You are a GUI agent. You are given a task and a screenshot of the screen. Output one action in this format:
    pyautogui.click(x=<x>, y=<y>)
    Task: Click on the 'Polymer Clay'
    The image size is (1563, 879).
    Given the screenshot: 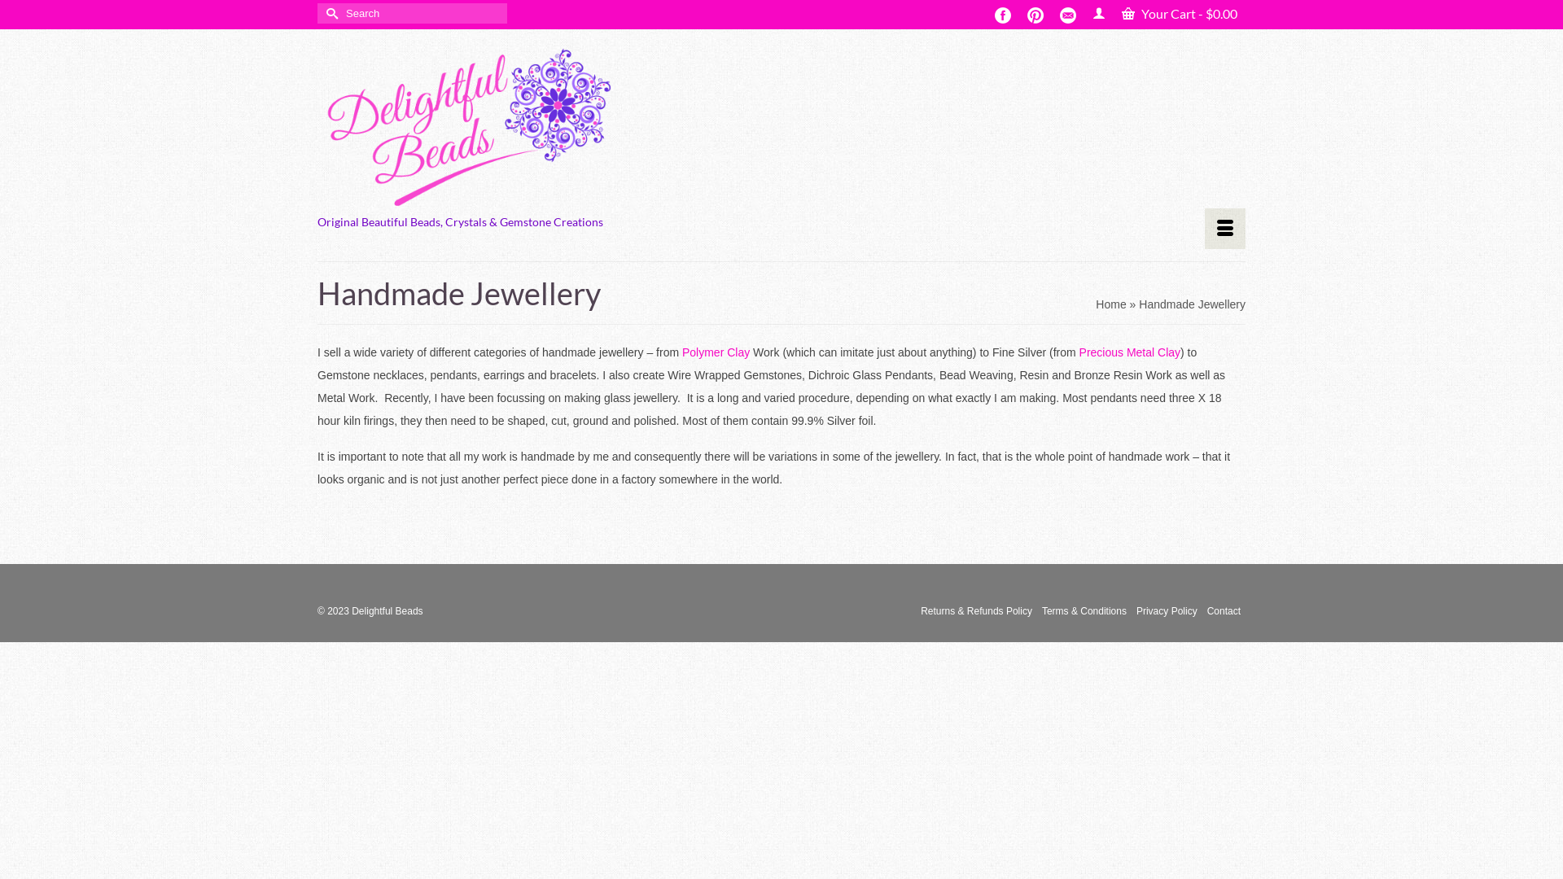 What is the action you would take?
    pyautogui.click(x=716, y=351)
    